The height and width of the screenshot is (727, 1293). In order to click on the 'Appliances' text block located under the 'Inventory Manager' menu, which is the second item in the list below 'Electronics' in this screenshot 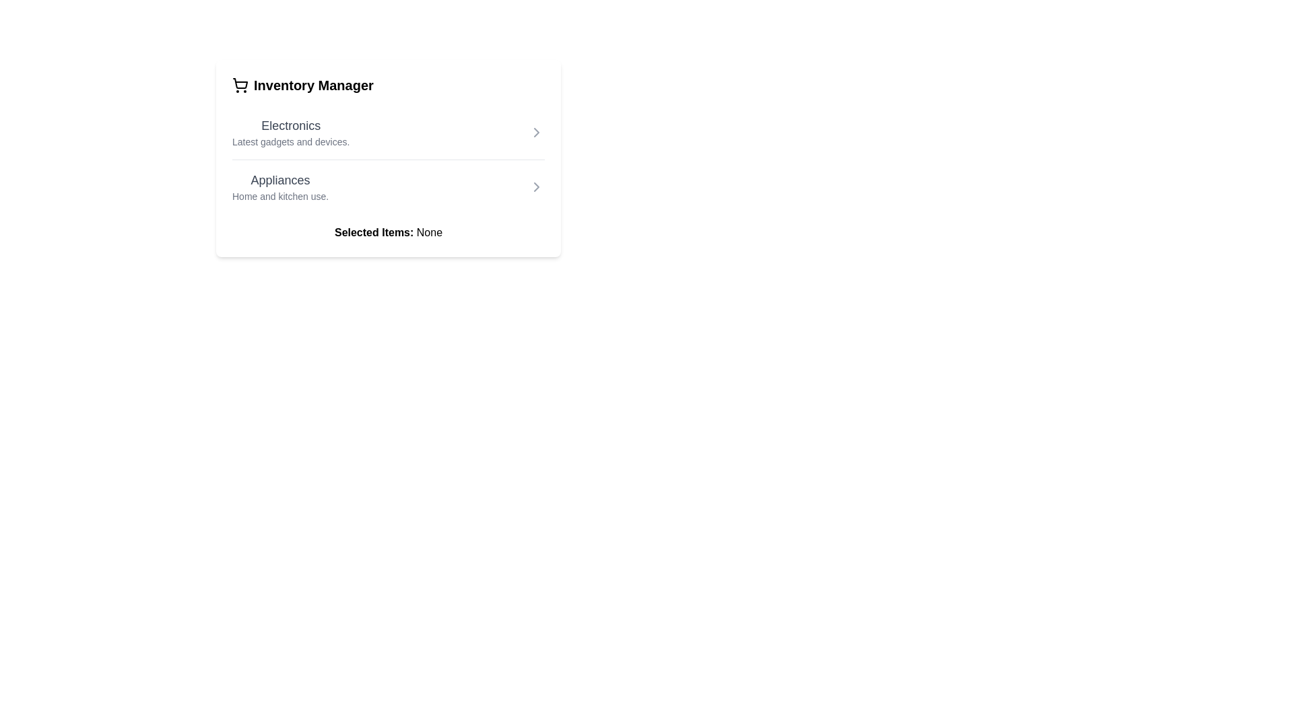, I will do `click(279, 186)`.